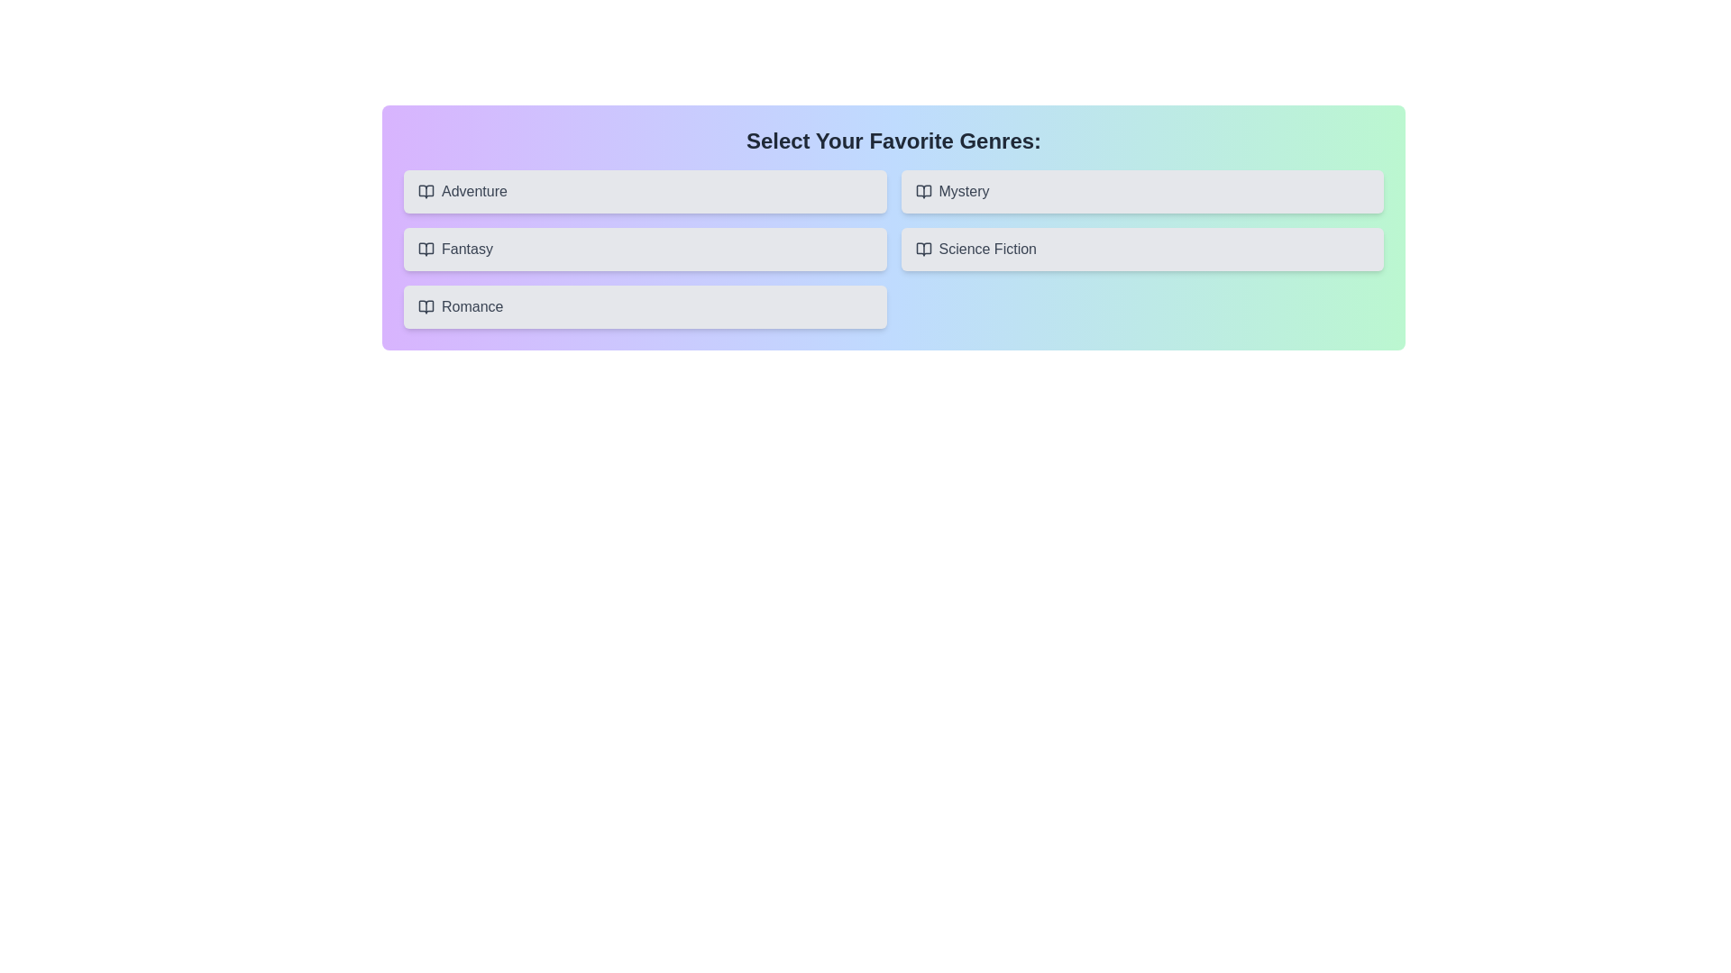 The image size is (1731, 973). What do you see at coordinates (1141, 191) in the screenshot?
I see `the button corresponding to the genre Mystery` at bounding box center [1141, 191].